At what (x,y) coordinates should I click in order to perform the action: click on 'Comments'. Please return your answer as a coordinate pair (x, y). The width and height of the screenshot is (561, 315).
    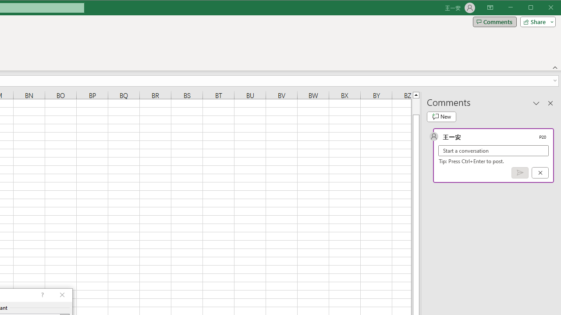
    Looking at the image, I should click on (494, 21).